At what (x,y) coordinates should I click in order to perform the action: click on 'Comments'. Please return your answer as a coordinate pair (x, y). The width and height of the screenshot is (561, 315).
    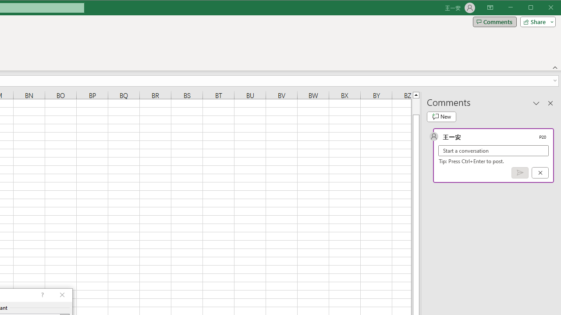
    Looking at the image, I should click on (494, 21).